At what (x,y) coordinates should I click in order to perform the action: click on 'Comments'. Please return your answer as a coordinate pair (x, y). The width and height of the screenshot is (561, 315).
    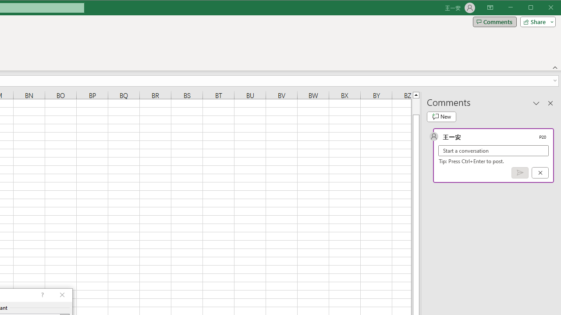
    Looking at the image, I should click on (494, 21).